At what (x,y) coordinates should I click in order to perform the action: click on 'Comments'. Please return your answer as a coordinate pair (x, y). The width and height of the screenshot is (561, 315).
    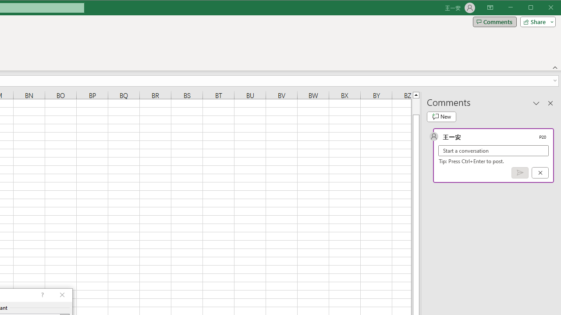
    Looking at the image, I should click on (494, 21).